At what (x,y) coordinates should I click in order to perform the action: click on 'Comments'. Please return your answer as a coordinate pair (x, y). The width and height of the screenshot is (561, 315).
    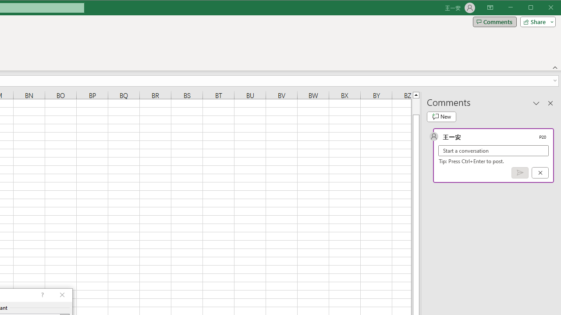
    Looking at the image, I should click on (494, 21).